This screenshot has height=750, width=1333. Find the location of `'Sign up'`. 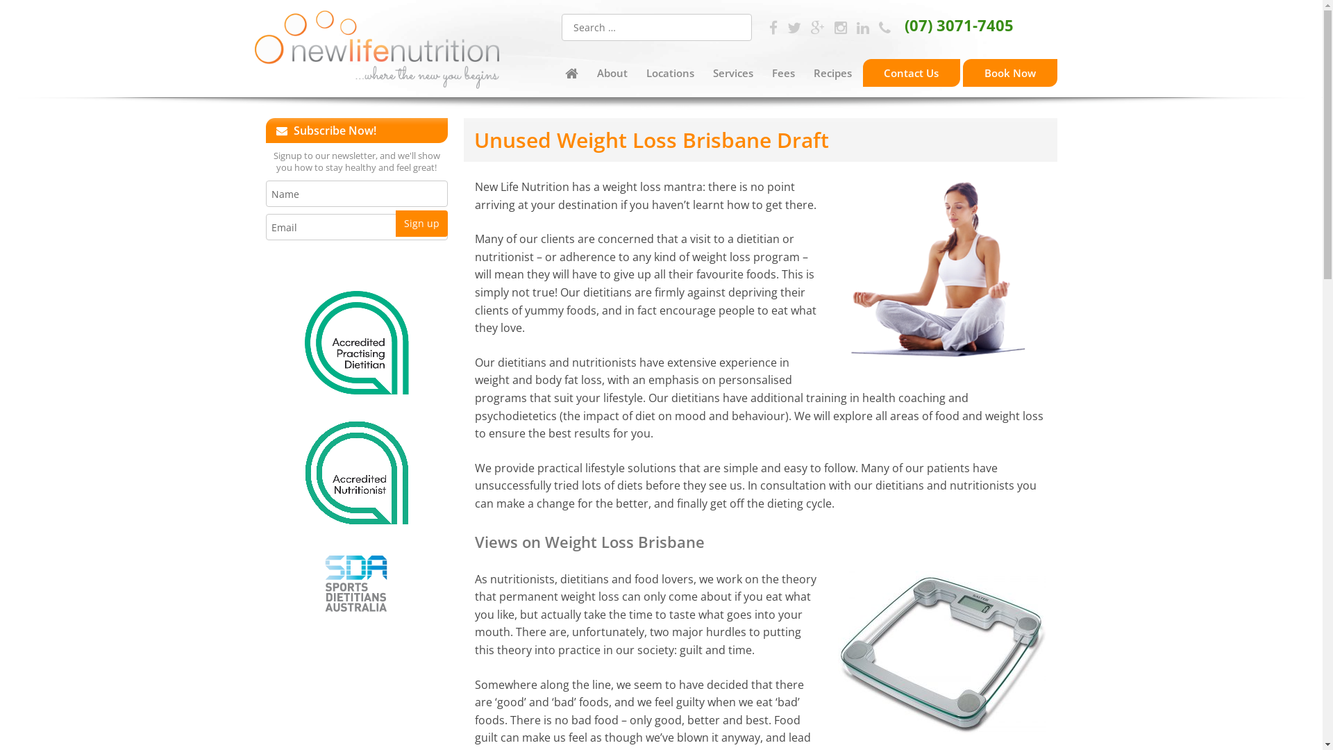

'Sign up' is located at coordinates (421, 222).